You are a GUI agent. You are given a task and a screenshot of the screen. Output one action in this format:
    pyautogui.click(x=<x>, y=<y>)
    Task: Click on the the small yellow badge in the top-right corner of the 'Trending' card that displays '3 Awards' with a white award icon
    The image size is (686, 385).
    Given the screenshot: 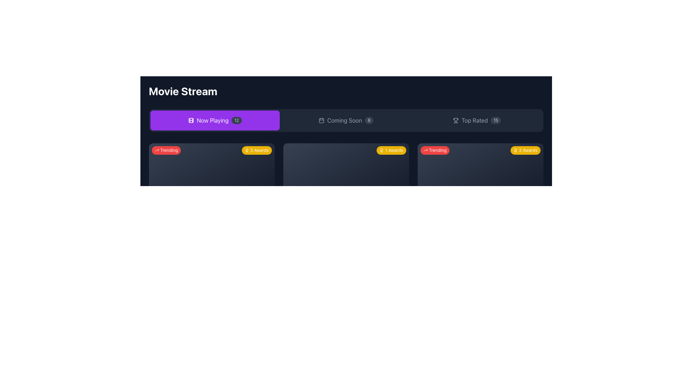 What is the action you would take?
    pyautogui.click(x=257, y=150)
    